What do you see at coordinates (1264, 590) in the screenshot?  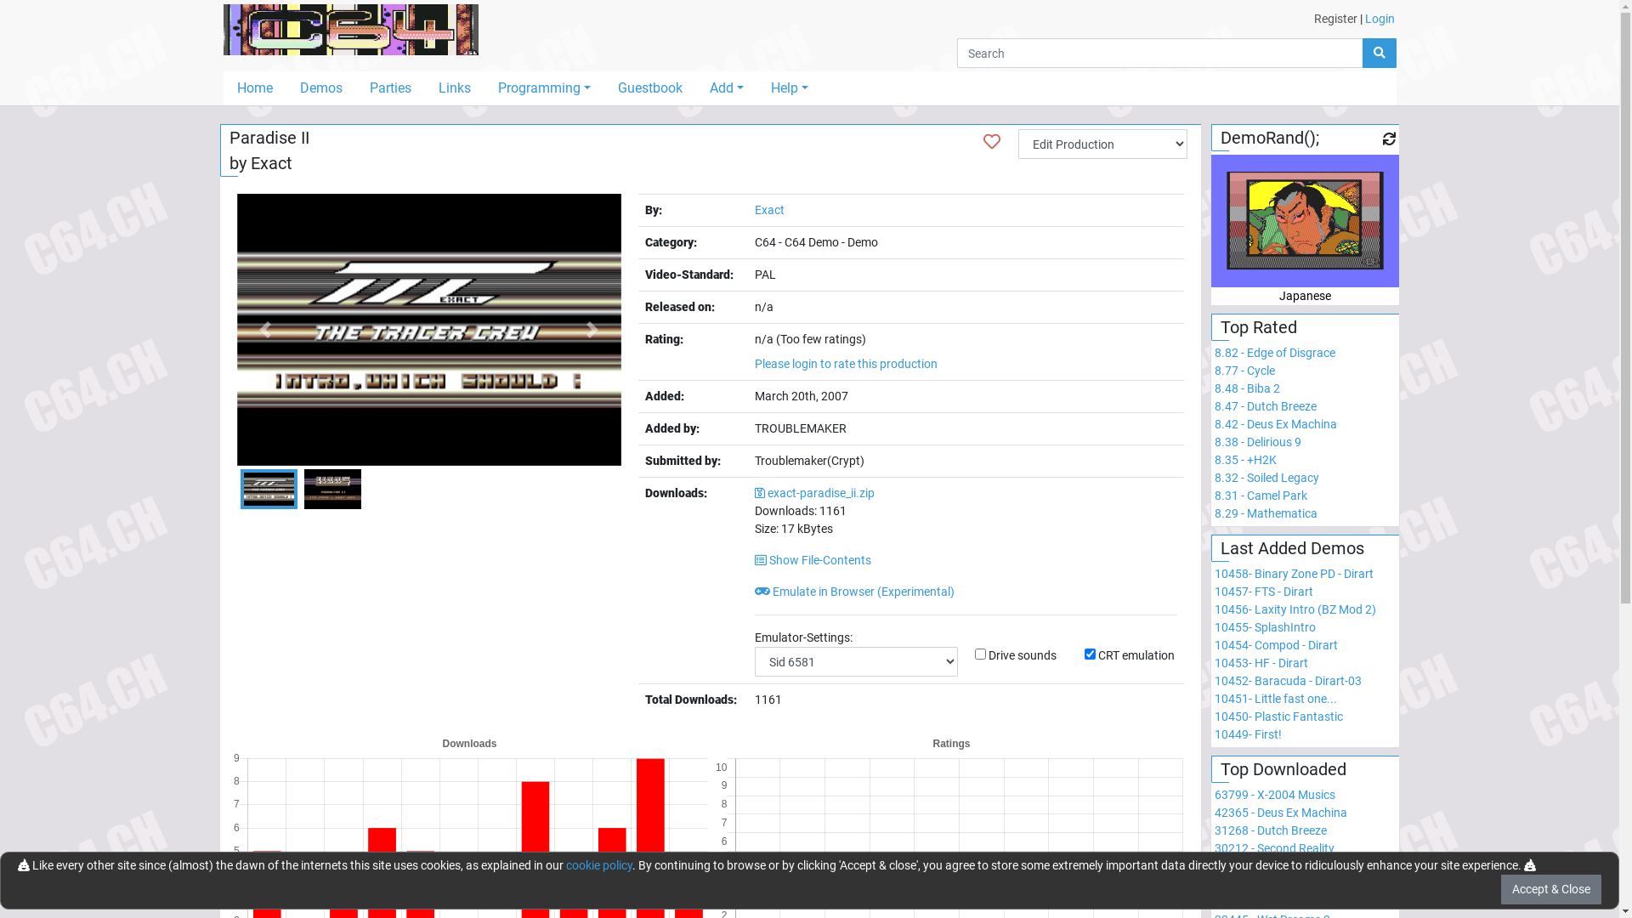 I see `'10457- FTS - Dirart'` at bounding box center [1264, 590].